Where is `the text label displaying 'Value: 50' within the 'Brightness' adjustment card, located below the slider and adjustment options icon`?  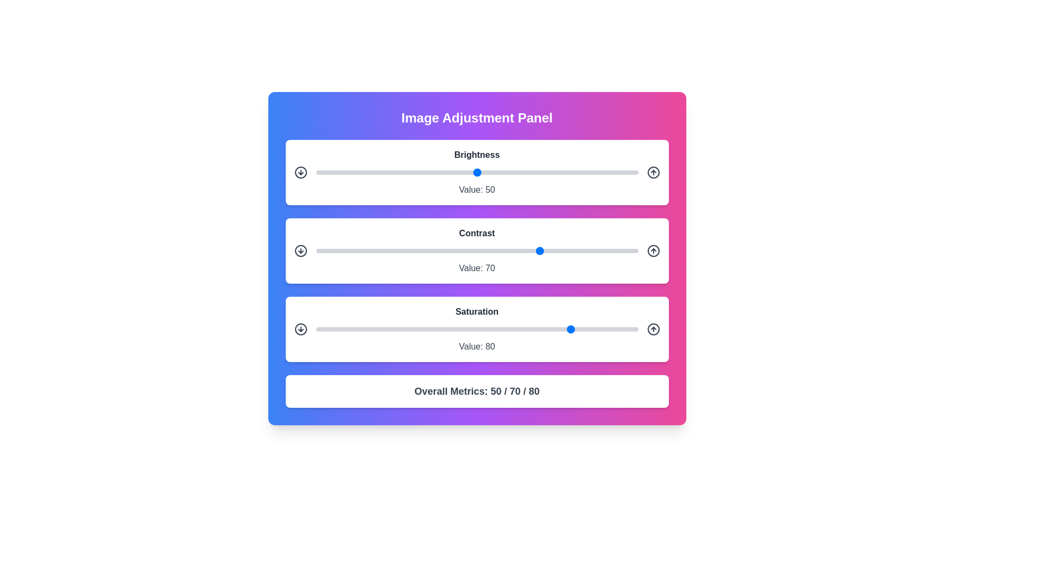
the text label displaying 'Value: 50' within the 'Brightness' adjustment card, located below the slider and adjustment options icon is located at coordinates (477, 189).